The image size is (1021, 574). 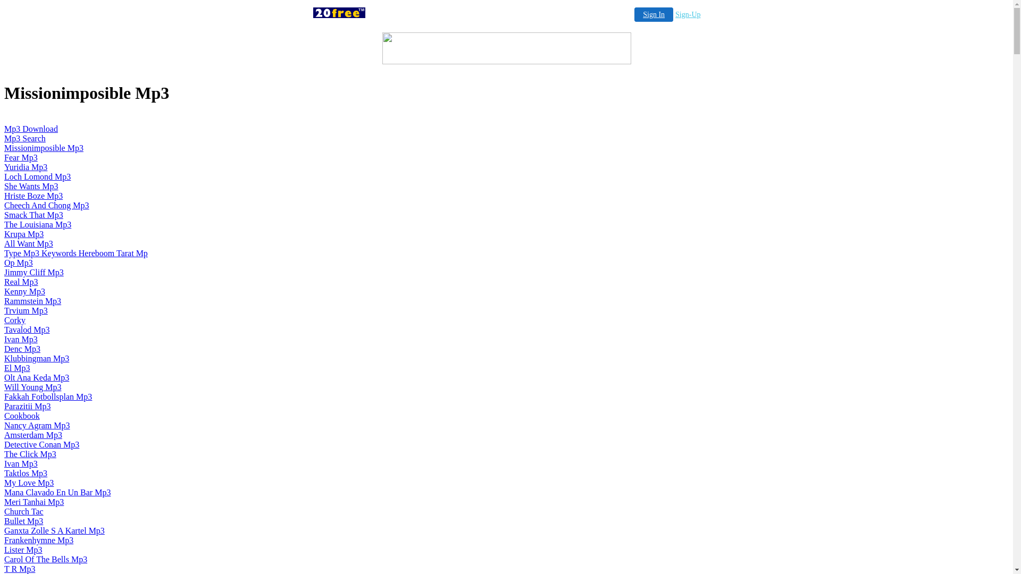 What do you see at coordinates (23, 550) in the screenshot?
I see `'Lister Mp3'` at bounding box center [23, 550].